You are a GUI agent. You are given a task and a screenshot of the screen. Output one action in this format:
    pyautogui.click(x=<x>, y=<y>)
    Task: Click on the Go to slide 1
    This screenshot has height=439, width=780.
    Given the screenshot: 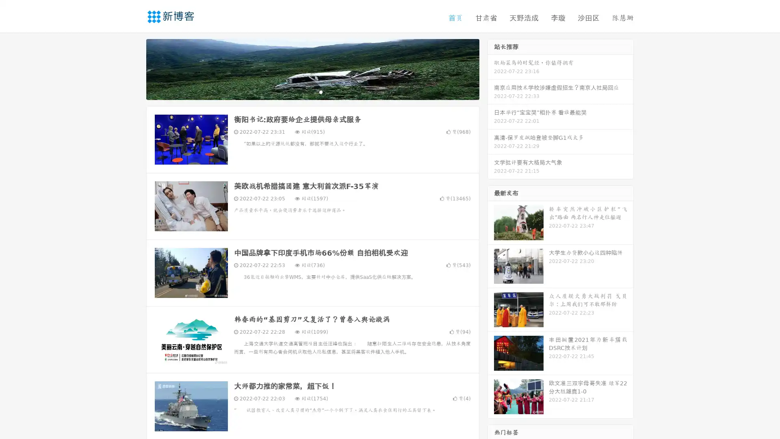 What is the action you would take?
    pyautogui.click(x=304, y=91)
    